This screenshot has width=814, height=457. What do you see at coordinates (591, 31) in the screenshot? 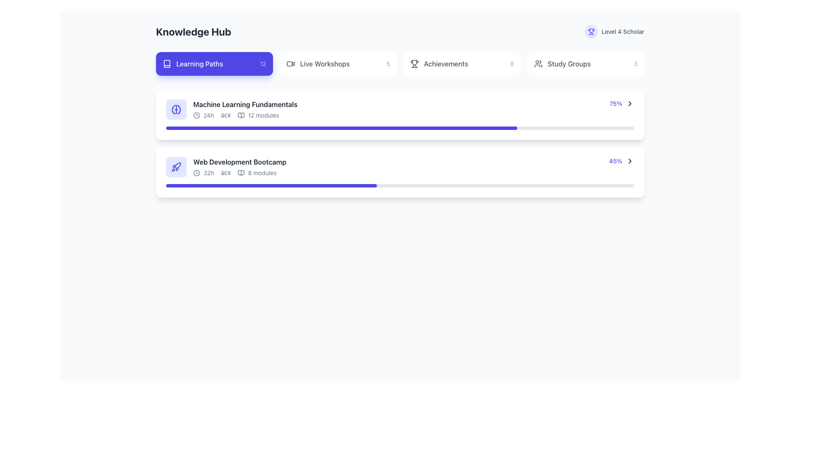
I see `the achievement icon representing the 'Level 4 Scholar' status located in the top-right section of the UI` at bounding box center [591, 31].